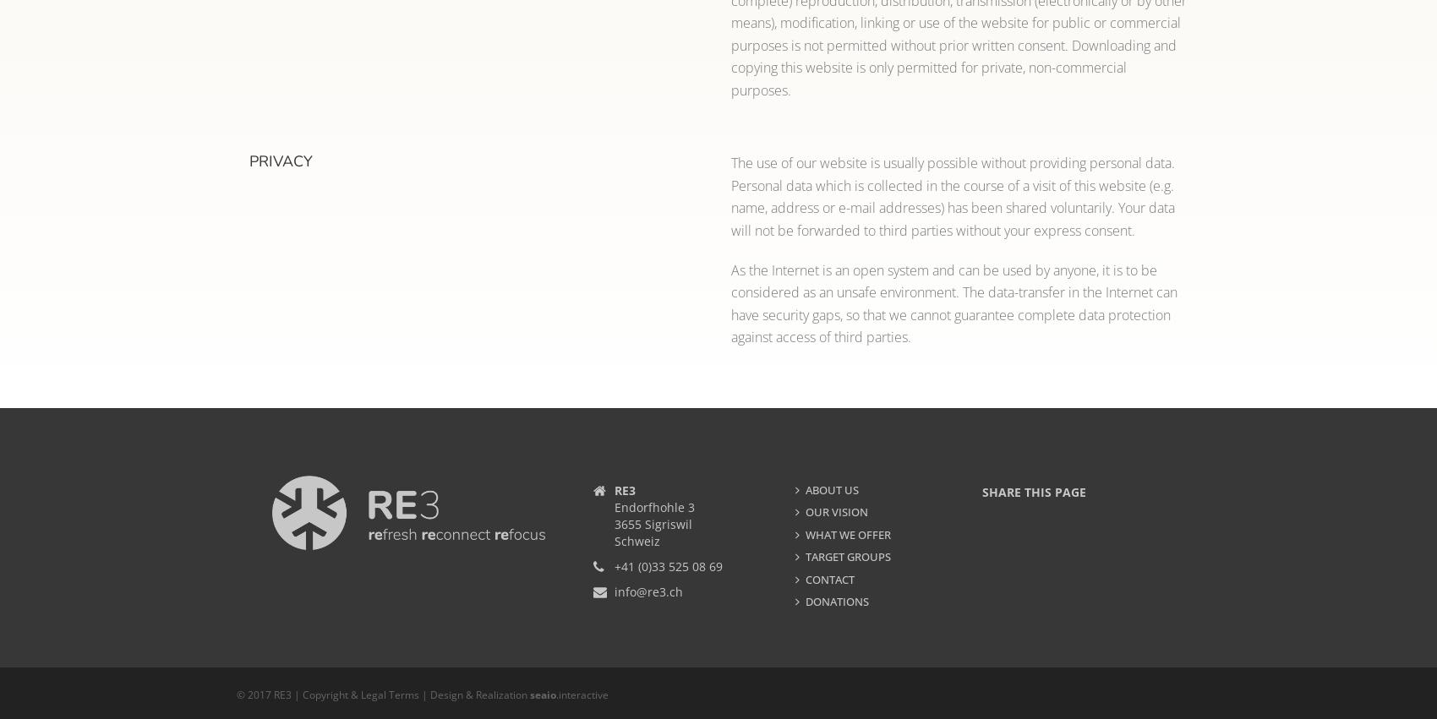  I want to click on 'Endorfhohle 3', so click(653, 506).